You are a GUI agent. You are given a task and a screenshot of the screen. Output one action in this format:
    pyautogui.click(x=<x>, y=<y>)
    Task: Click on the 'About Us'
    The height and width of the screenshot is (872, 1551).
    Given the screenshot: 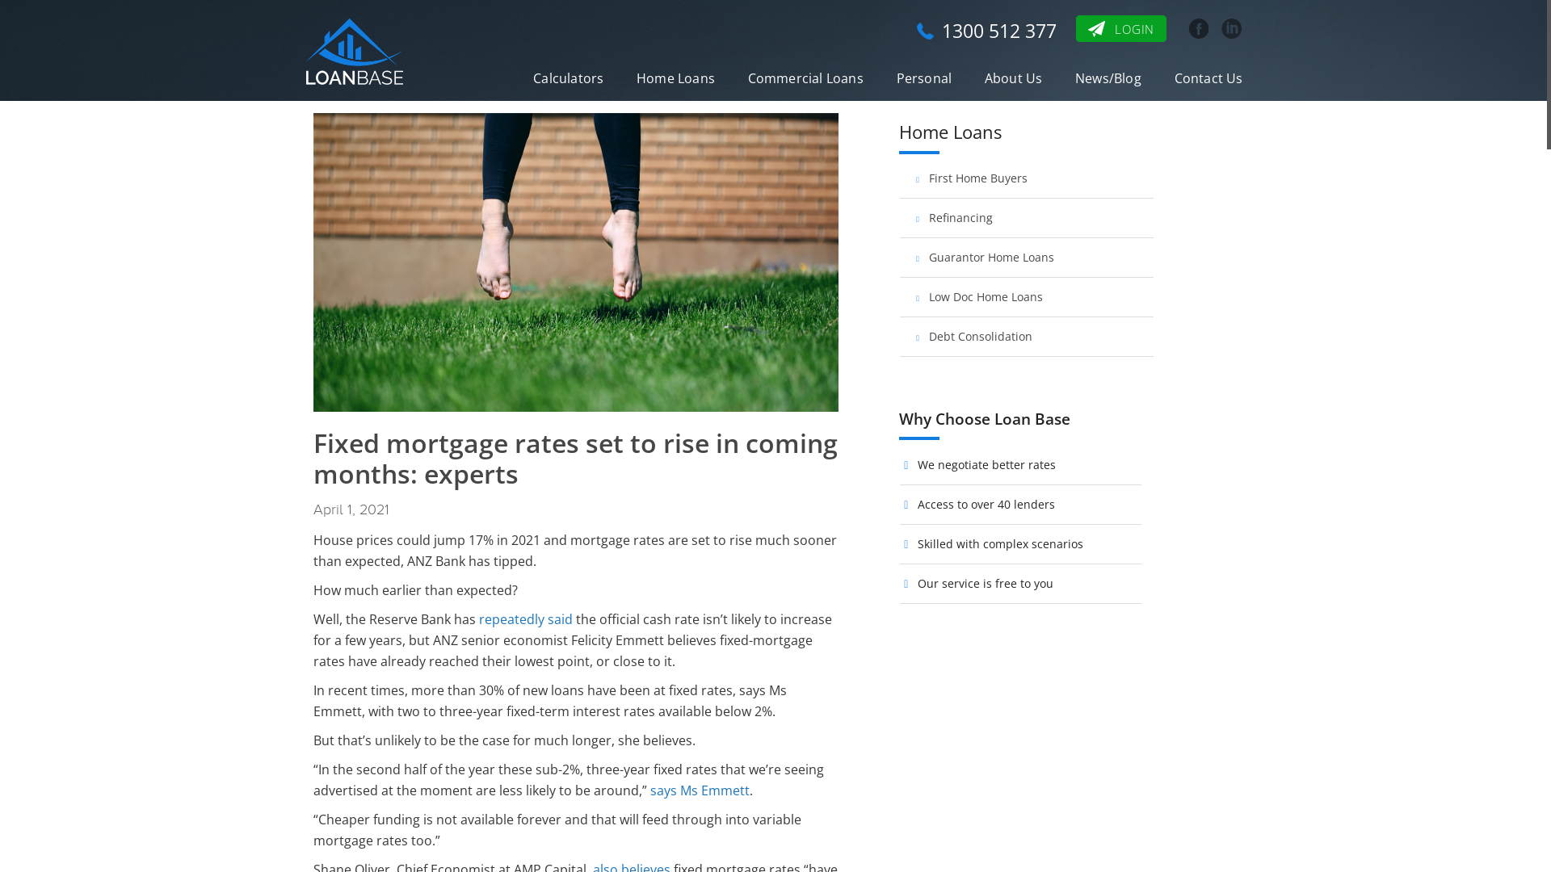 What is the action you would take?
    pyautogui.click(x=1012, y=78)
    